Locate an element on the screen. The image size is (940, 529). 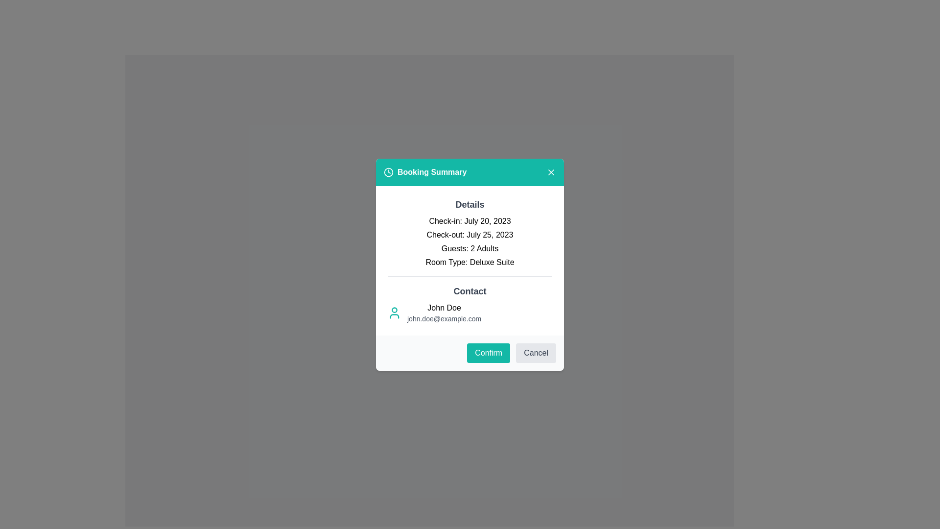
text label displaying 'Guests: 2 Adults', which is the third text item in the 'Details' section of the booking card interface is located at coordinates (470, 248).